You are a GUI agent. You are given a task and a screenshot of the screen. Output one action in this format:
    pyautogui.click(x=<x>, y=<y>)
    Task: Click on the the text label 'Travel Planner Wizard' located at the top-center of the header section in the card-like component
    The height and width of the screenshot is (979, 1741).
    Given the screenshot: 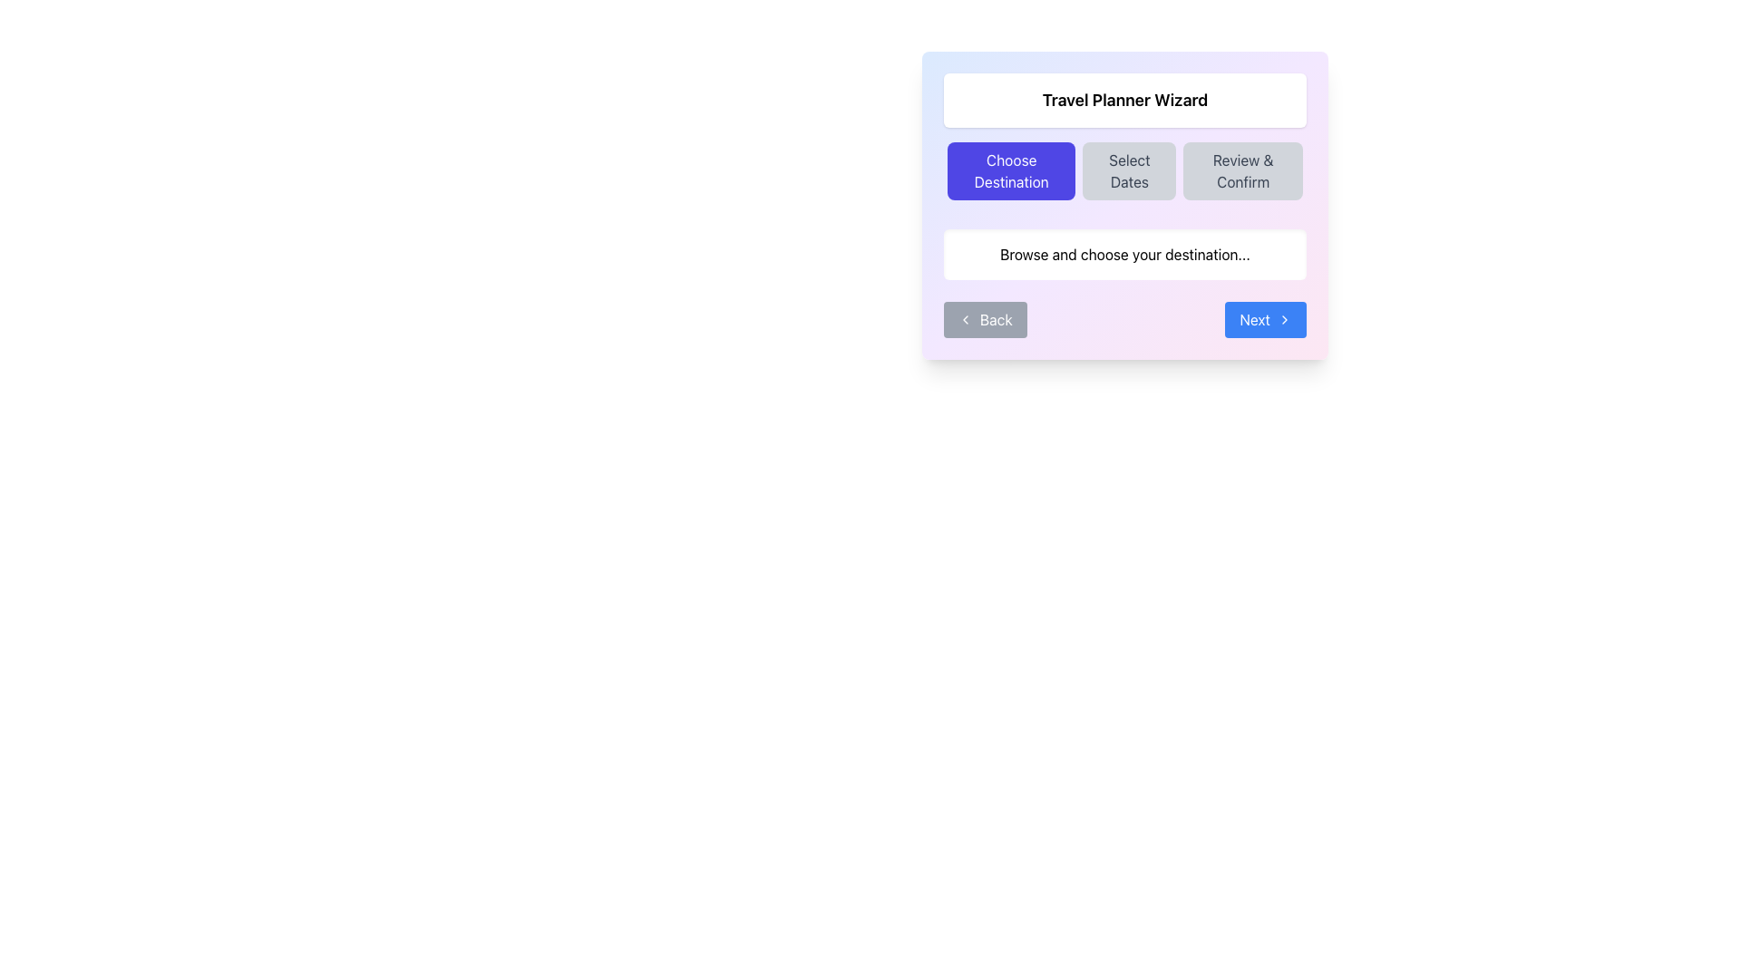 What is the action you would take?
    pyautogui.click(x=1124, y=101)
    